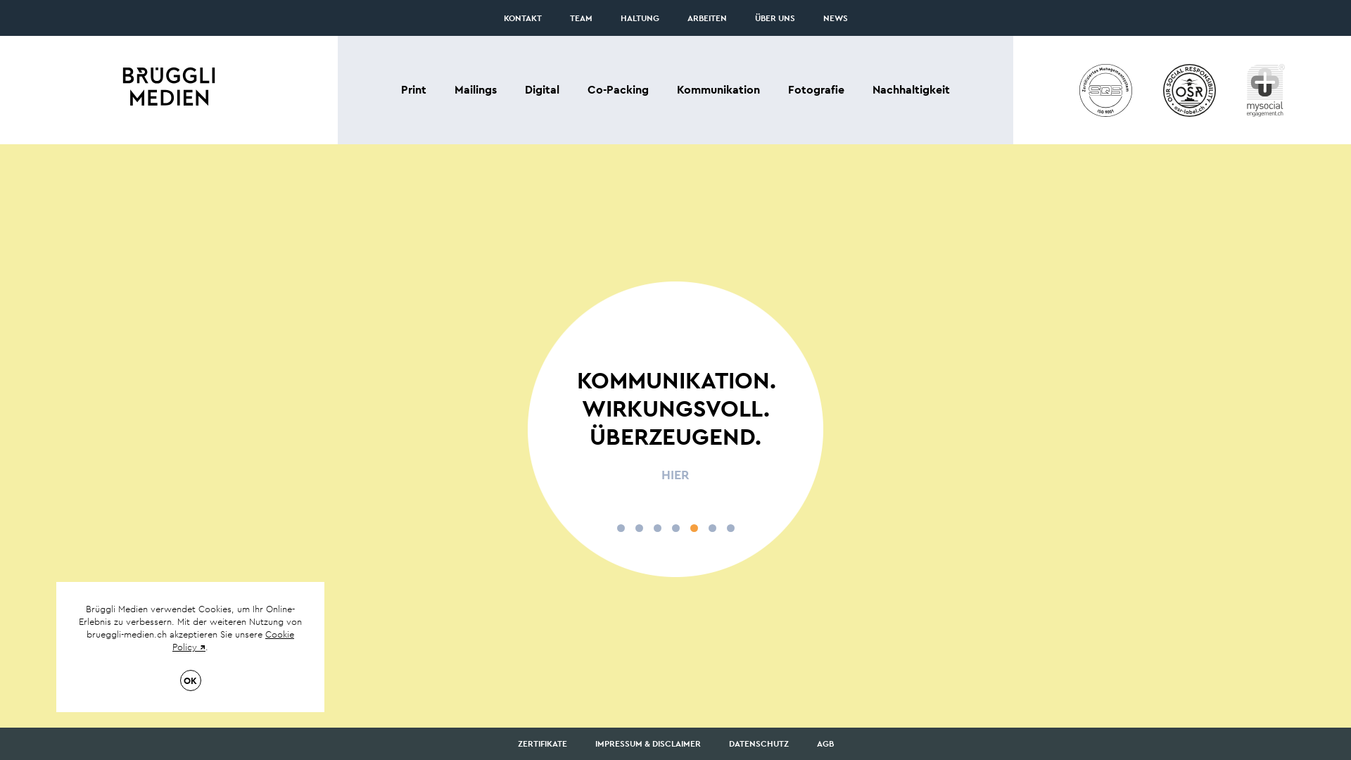 The image size is (1351, 760). Describe the element at coordinates (647, 742) in the screenshot. I see `'IMPRESSUM & DISCLAIMER'` at that location.